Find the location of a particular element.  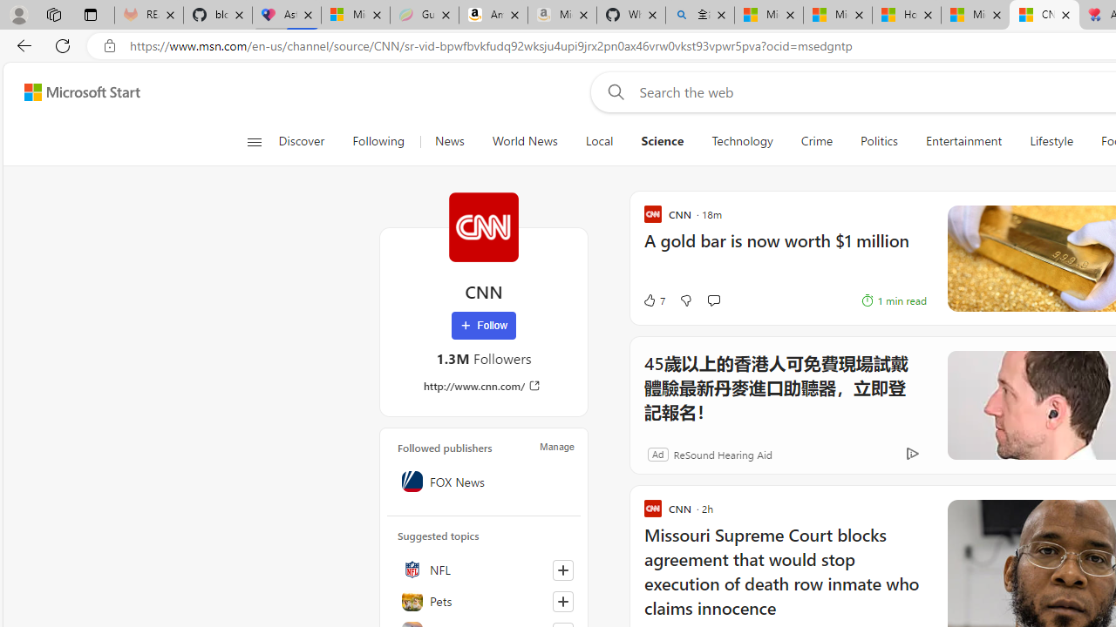

'Entertainment' is located at coordinates (963, 141).